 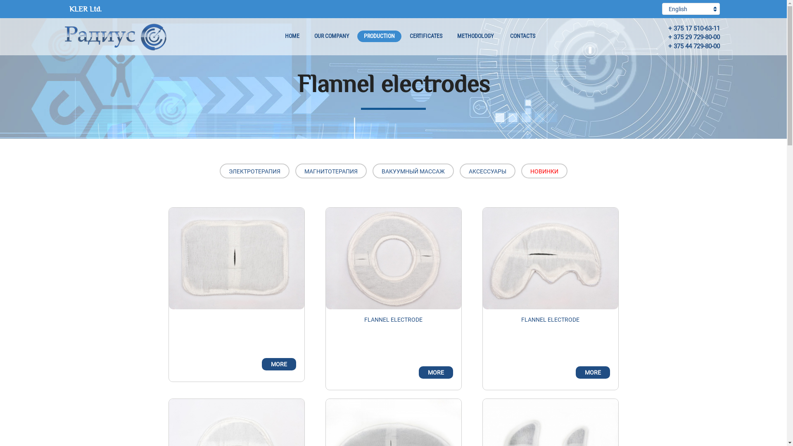 What do you see at coordinates (475, 36) in the screenshot?
I see `'METHODOLOGY'` at bounding box center [475, 36].